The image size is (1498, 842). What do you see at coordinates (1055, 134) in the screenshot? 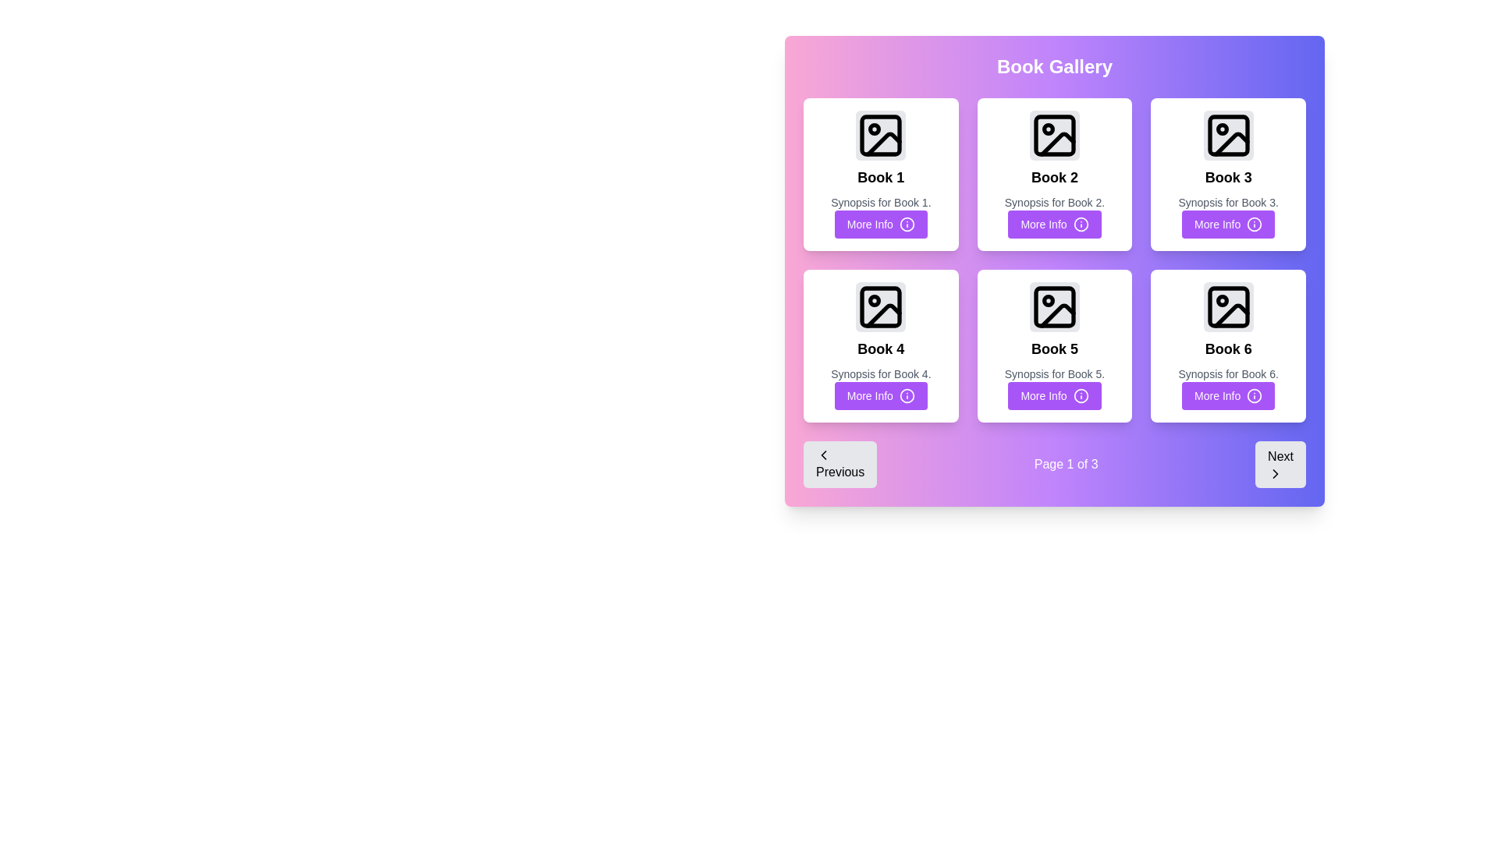
I see `the SVG Image Placeholder icon of a photo frame, which is located in the card for 'Book 2', centered in the top section of the card` at bounding box center [1055, 134].